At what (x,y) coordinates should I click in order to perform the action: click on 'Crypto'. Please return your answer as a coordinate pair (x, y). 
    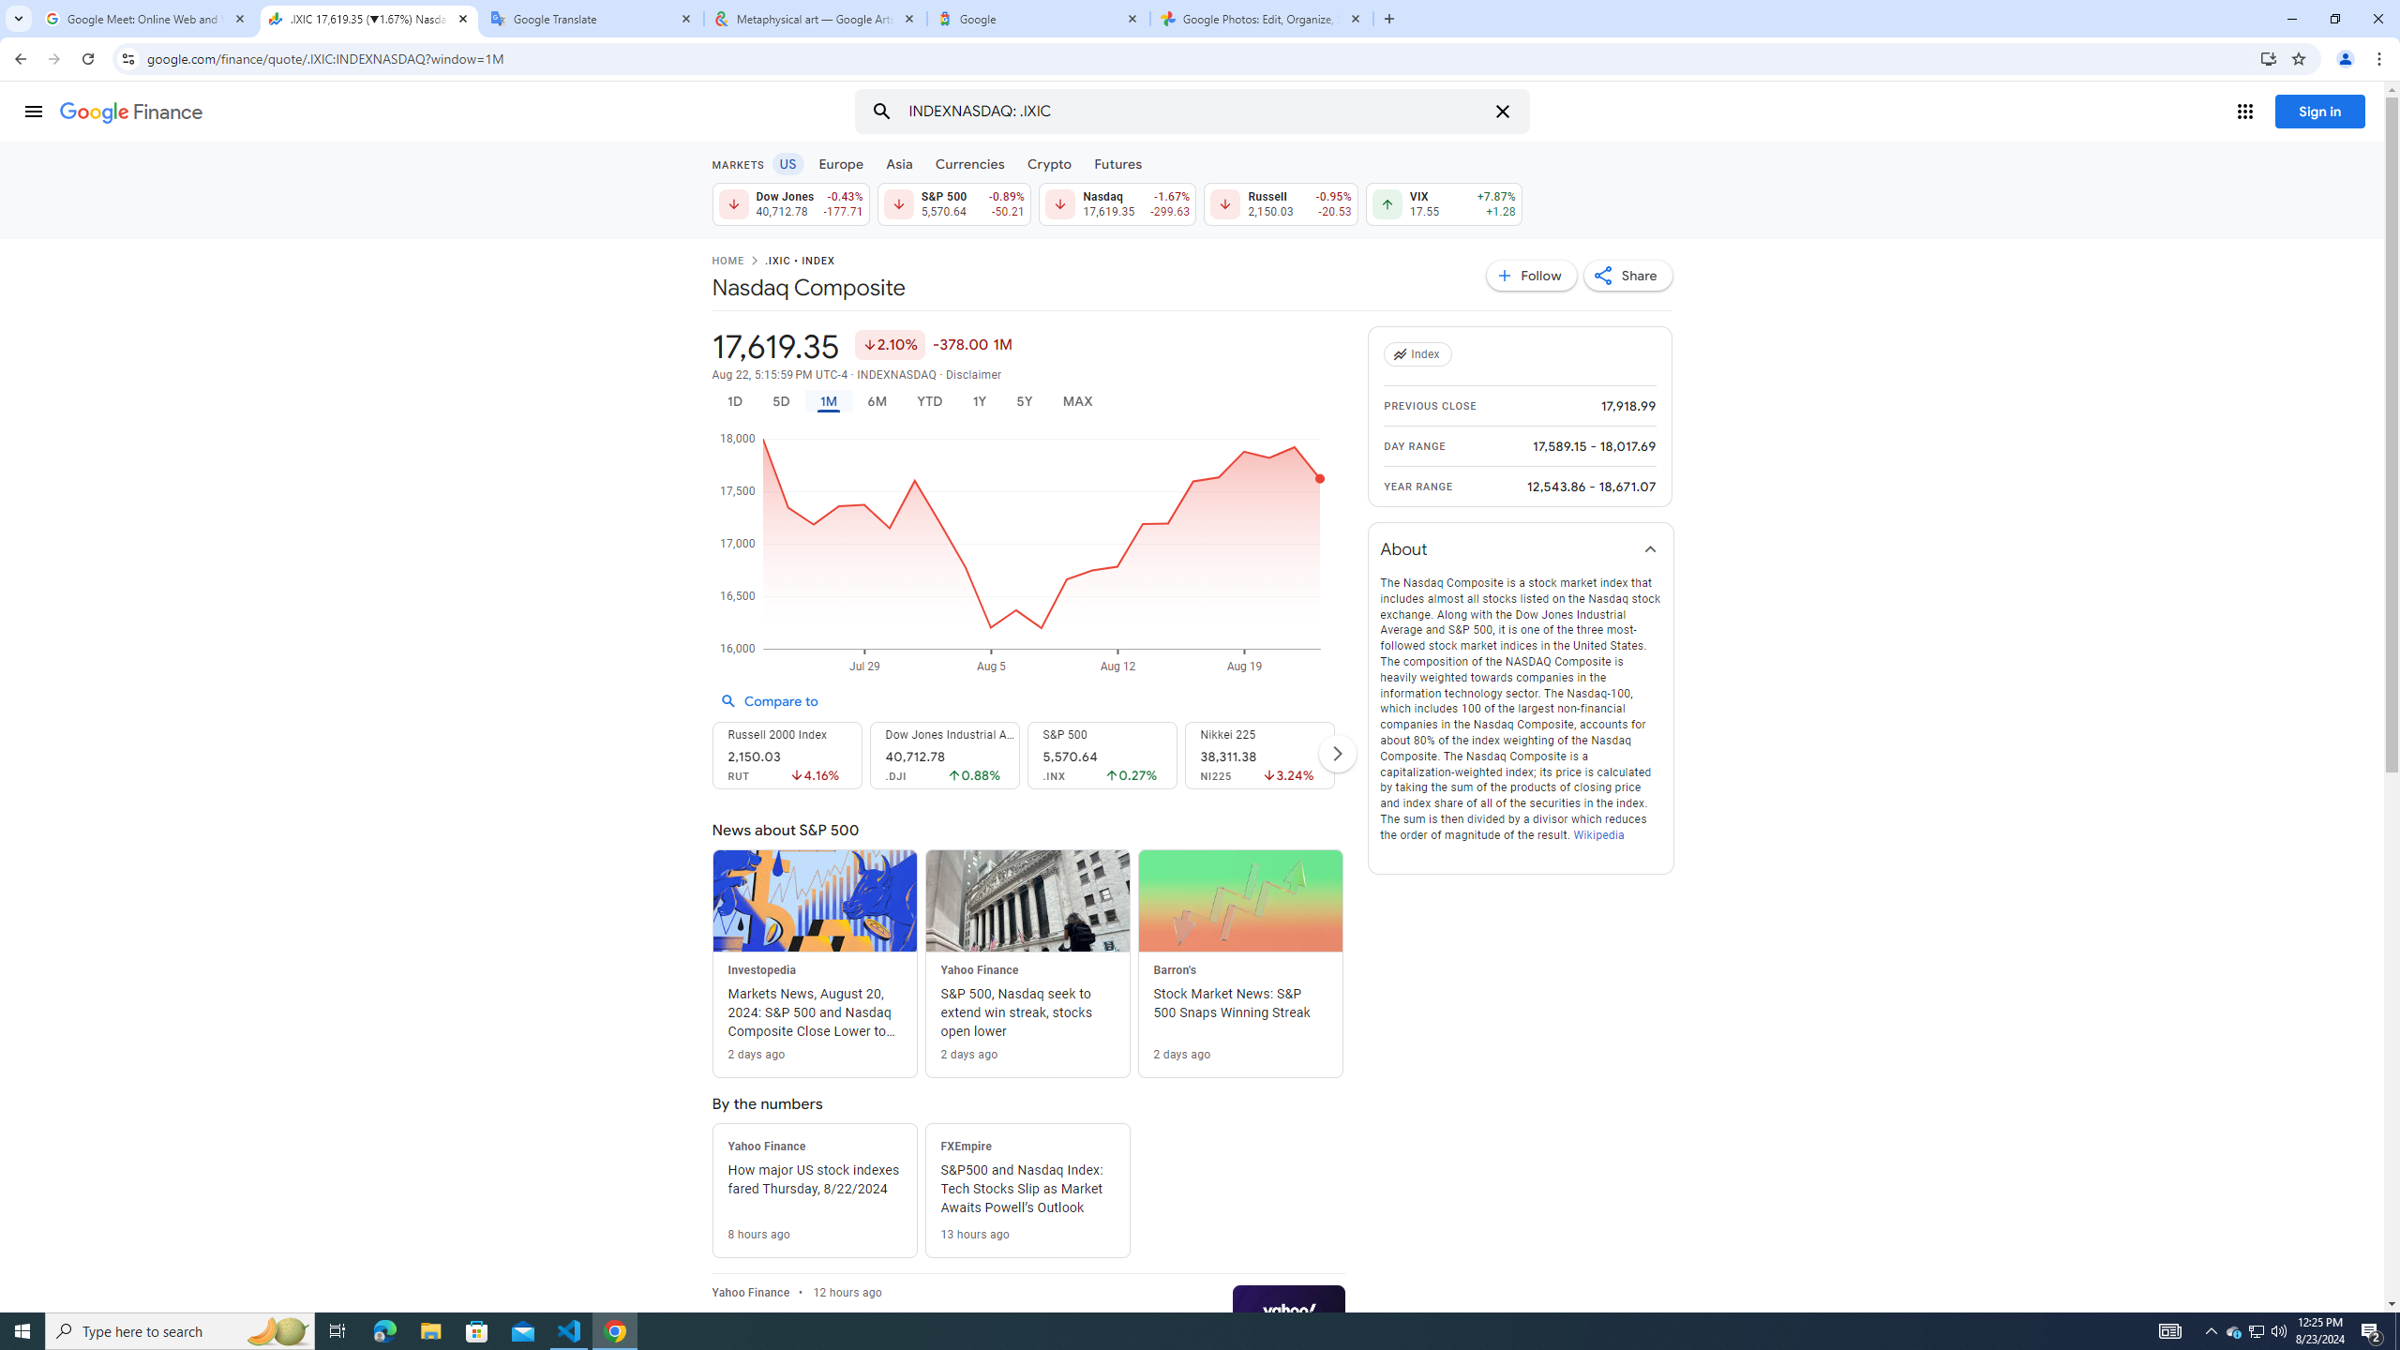
    Looking at the image, I should click on (1050, 162).